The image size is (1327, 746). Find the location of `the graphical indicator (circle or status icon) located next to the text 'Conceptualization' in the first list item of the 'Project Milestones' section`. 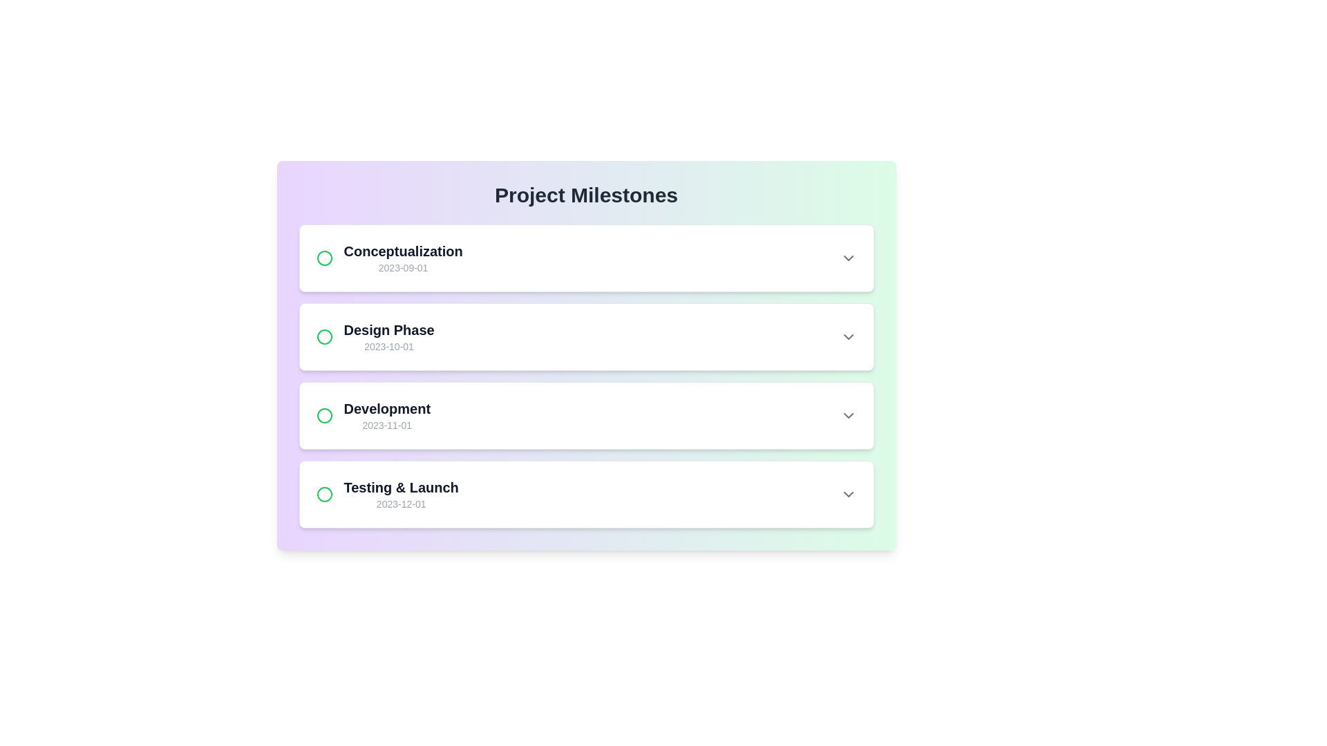

the graphical indicator (circle or status icon) located next to the text 'Conceptualization' in the first list item of the 'Project Milestones' section is located at coordinates (323, 258).